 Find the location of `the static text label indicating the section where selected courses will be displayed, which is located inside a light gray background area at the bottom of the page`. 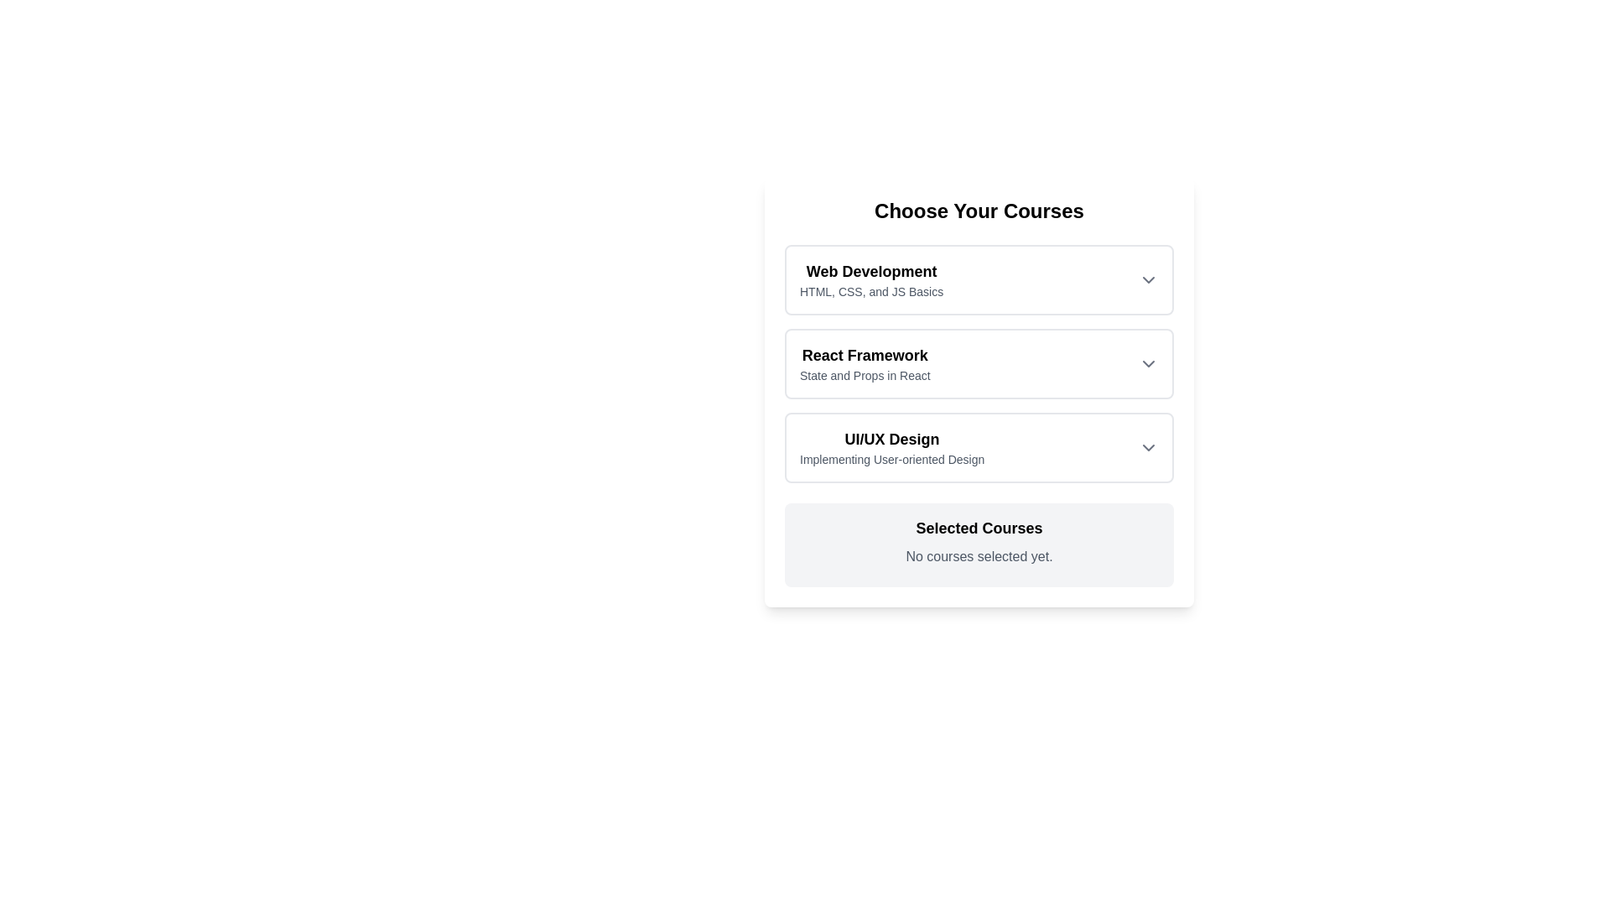

the static text label indicating the section where selected courses will be displayed, which is located inside a light gray background area at the bottom of the page is located at coordinates (979, 527).